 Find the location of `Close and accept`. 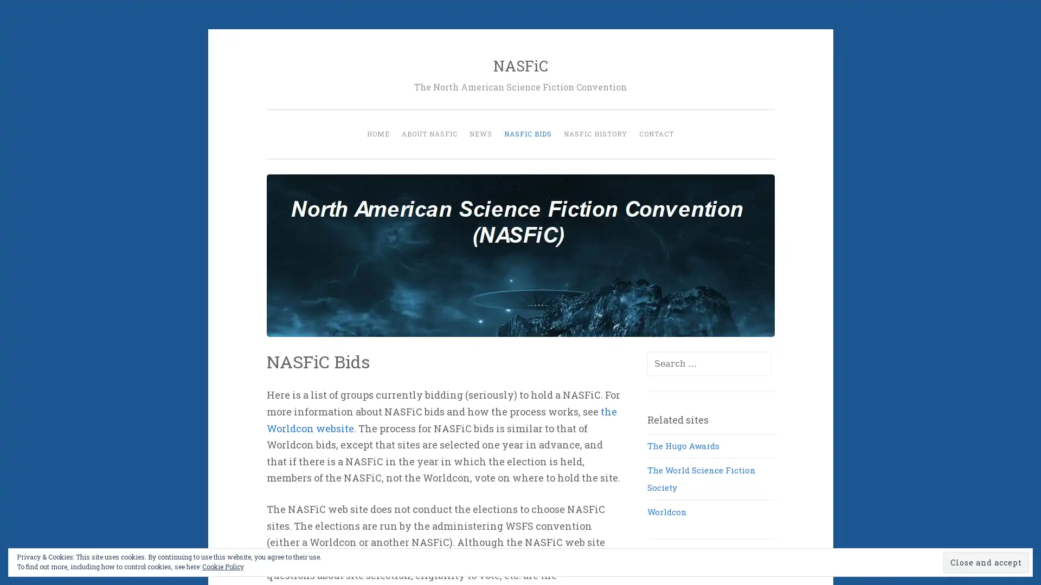

Close and accept is located at coordinates (986, 562).